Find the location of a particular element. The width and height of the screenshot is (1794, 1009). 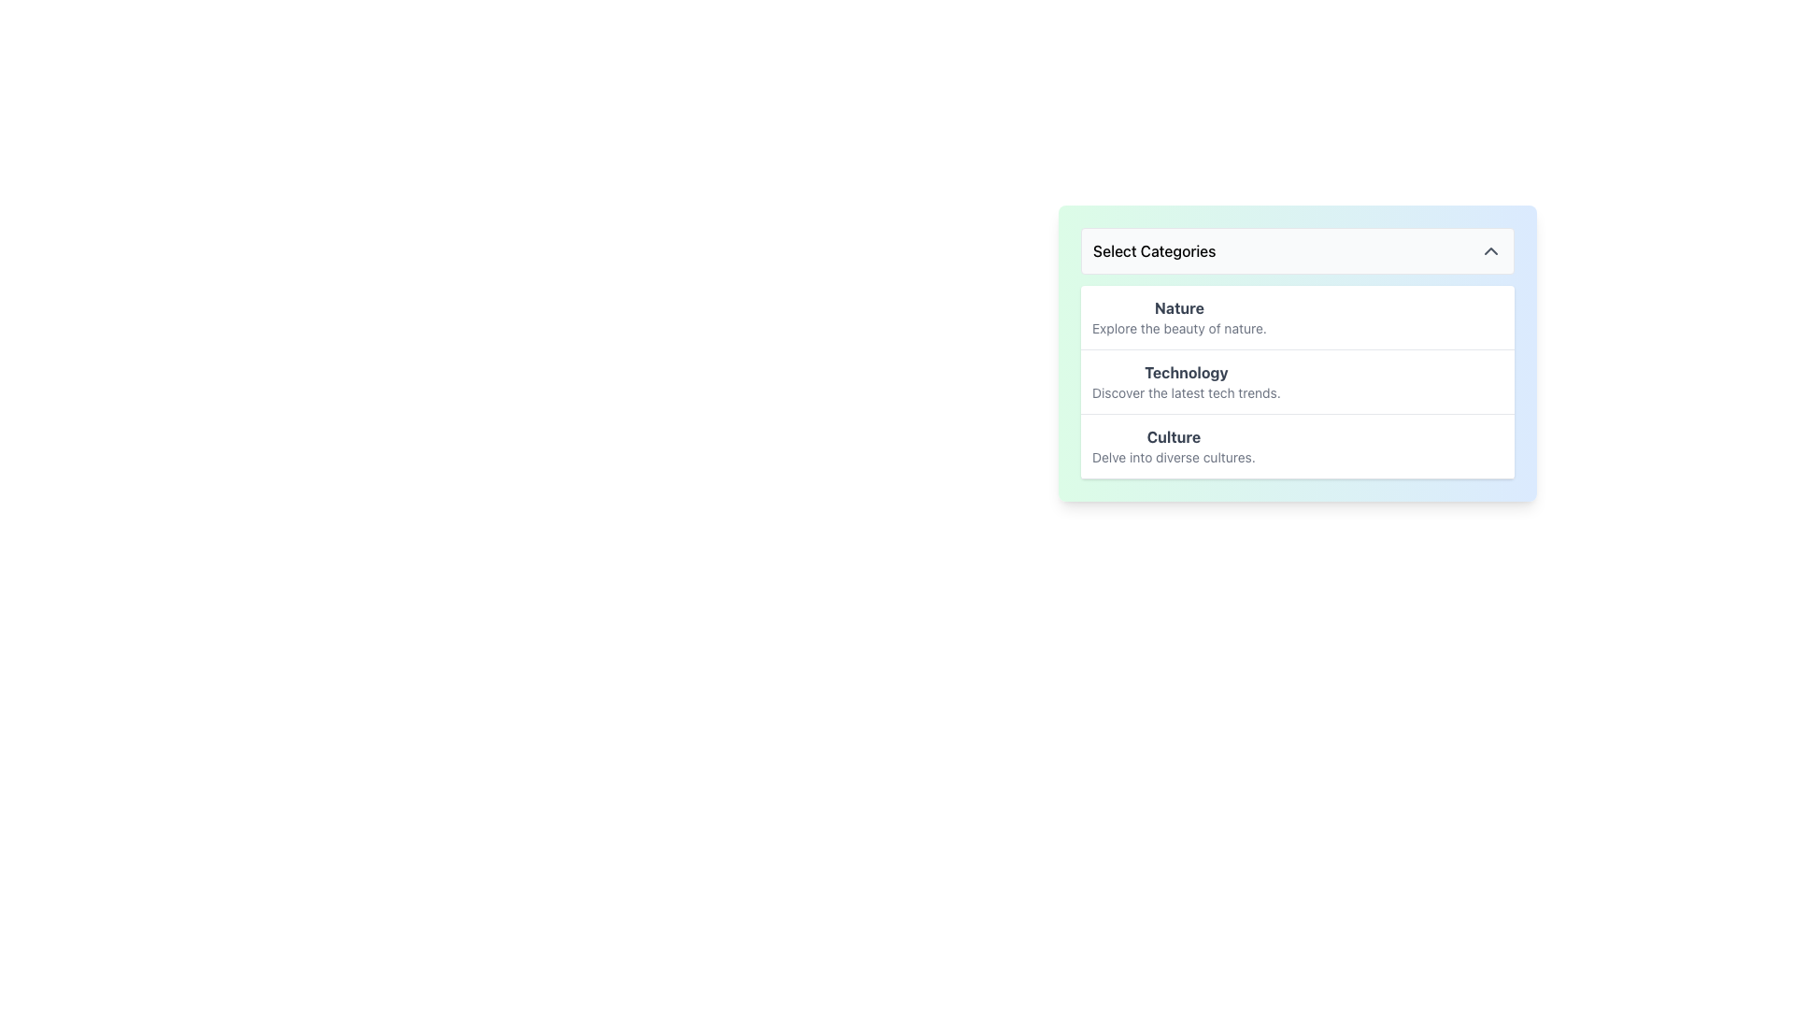

the 'Technology' category selector in the 'Select Categories' panel is located at coordinates (1296, 380).